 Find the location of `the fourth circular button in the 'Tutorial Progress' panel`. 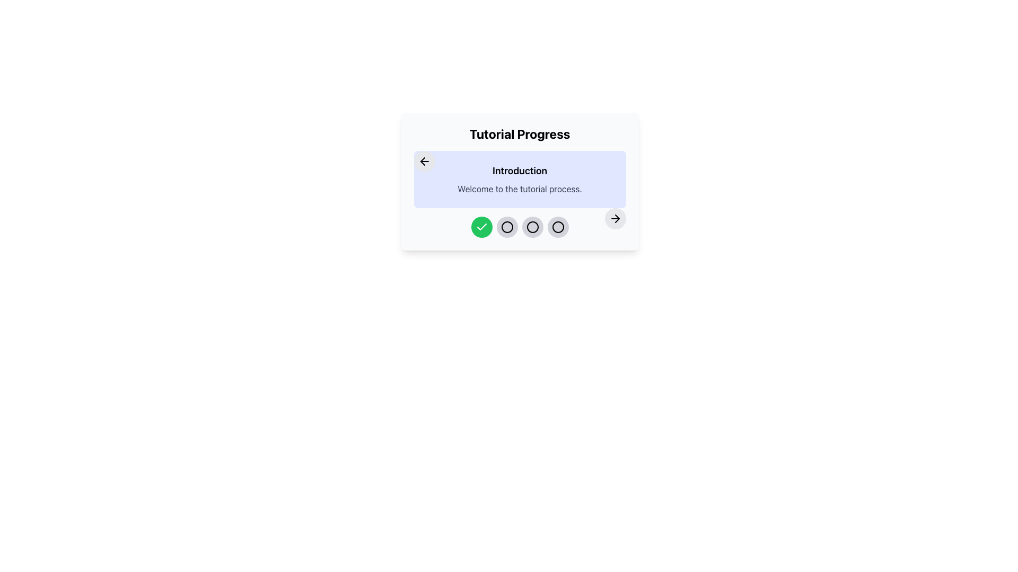

the fourth circular button in the 'Tutorial Progress' panel is located at coordinates (557, 226).